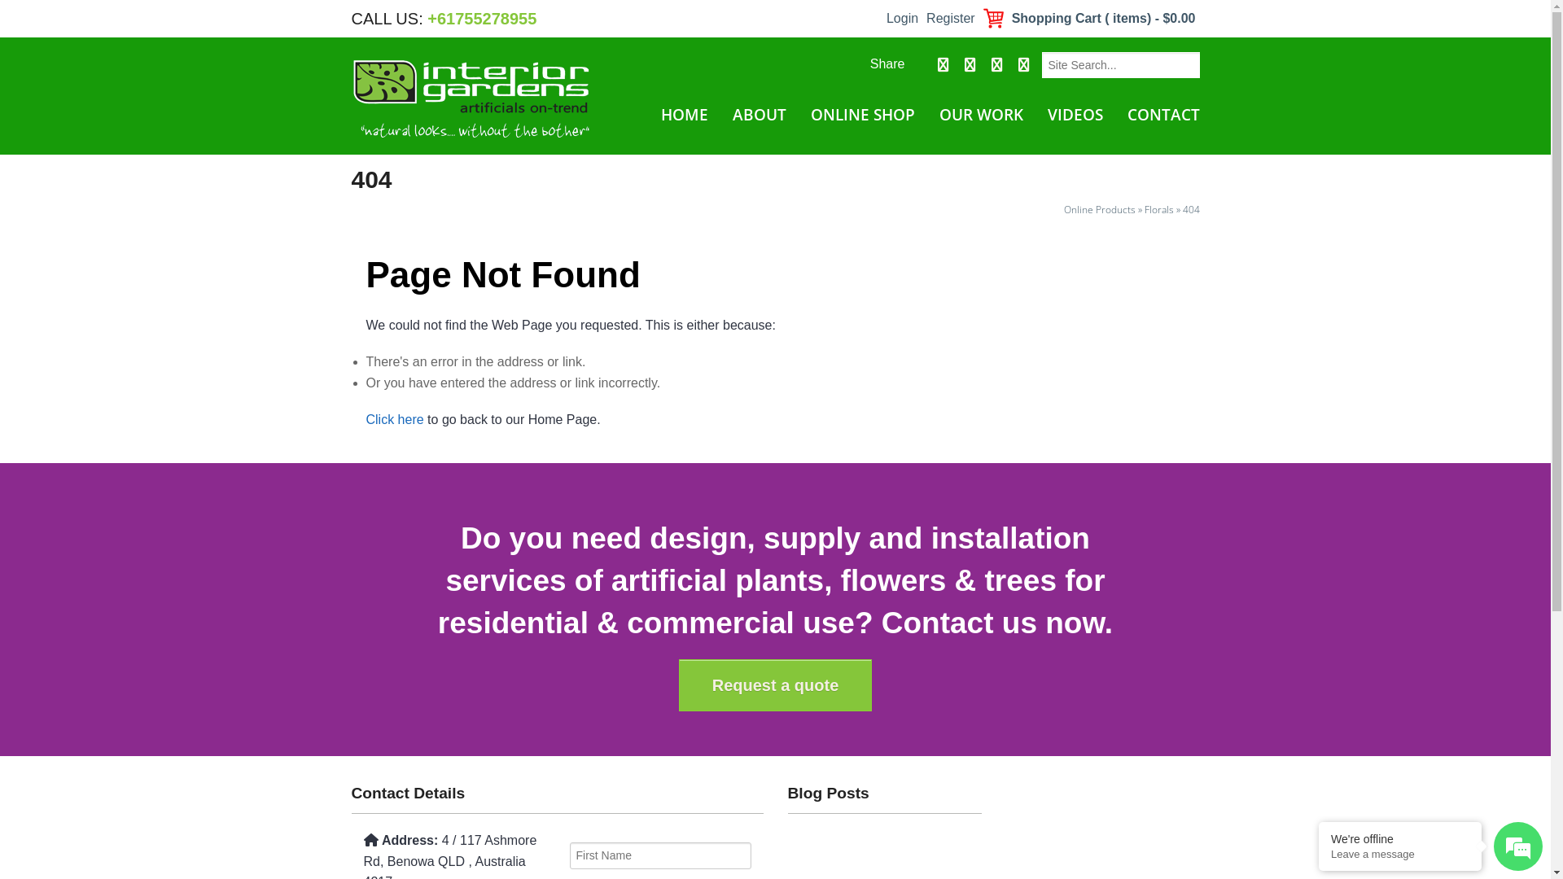 Image resolution: width=1563 pixels, height=879 pixels. I want to click on 'VIDEOS', so click(1075, 114).